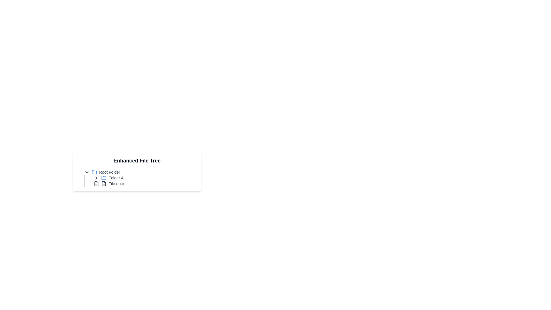 The height and width of the screenshot is (310, 551). What do you see at coordinates (104, 184) in the screenshot?
I see `the document file icon located to the left of the filename 'File.docx' in the file tree interface` at bounding box center [104, 184].